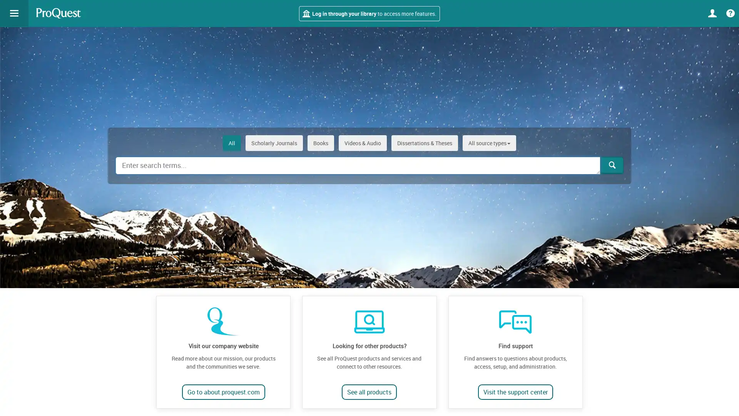  Describe the element at coordinates (611, 164) in the screenshot. I see `Search` at that location.